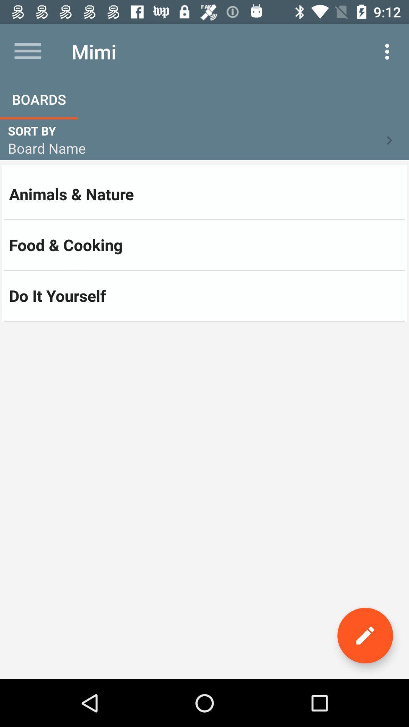  What do you see at coordinates (27, 51) in the screenshot?
I see `item to the left of mimi item` at bounding box center [27, 51].